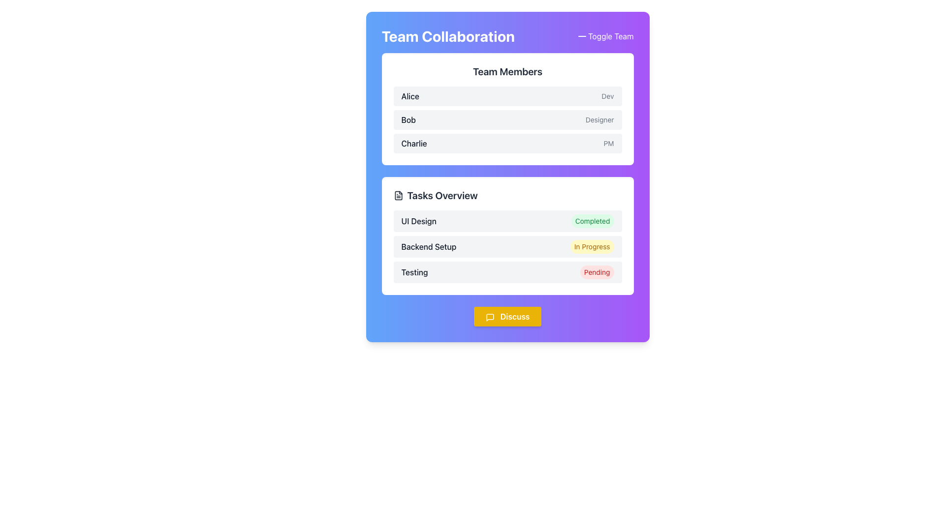 The height and width of the screenshot is (531, 945). I want to click on task name 'Backend Setup' and its status 'In Progress' from the Task Progress Item located in the Tasks Overview section, so click(507, 246).